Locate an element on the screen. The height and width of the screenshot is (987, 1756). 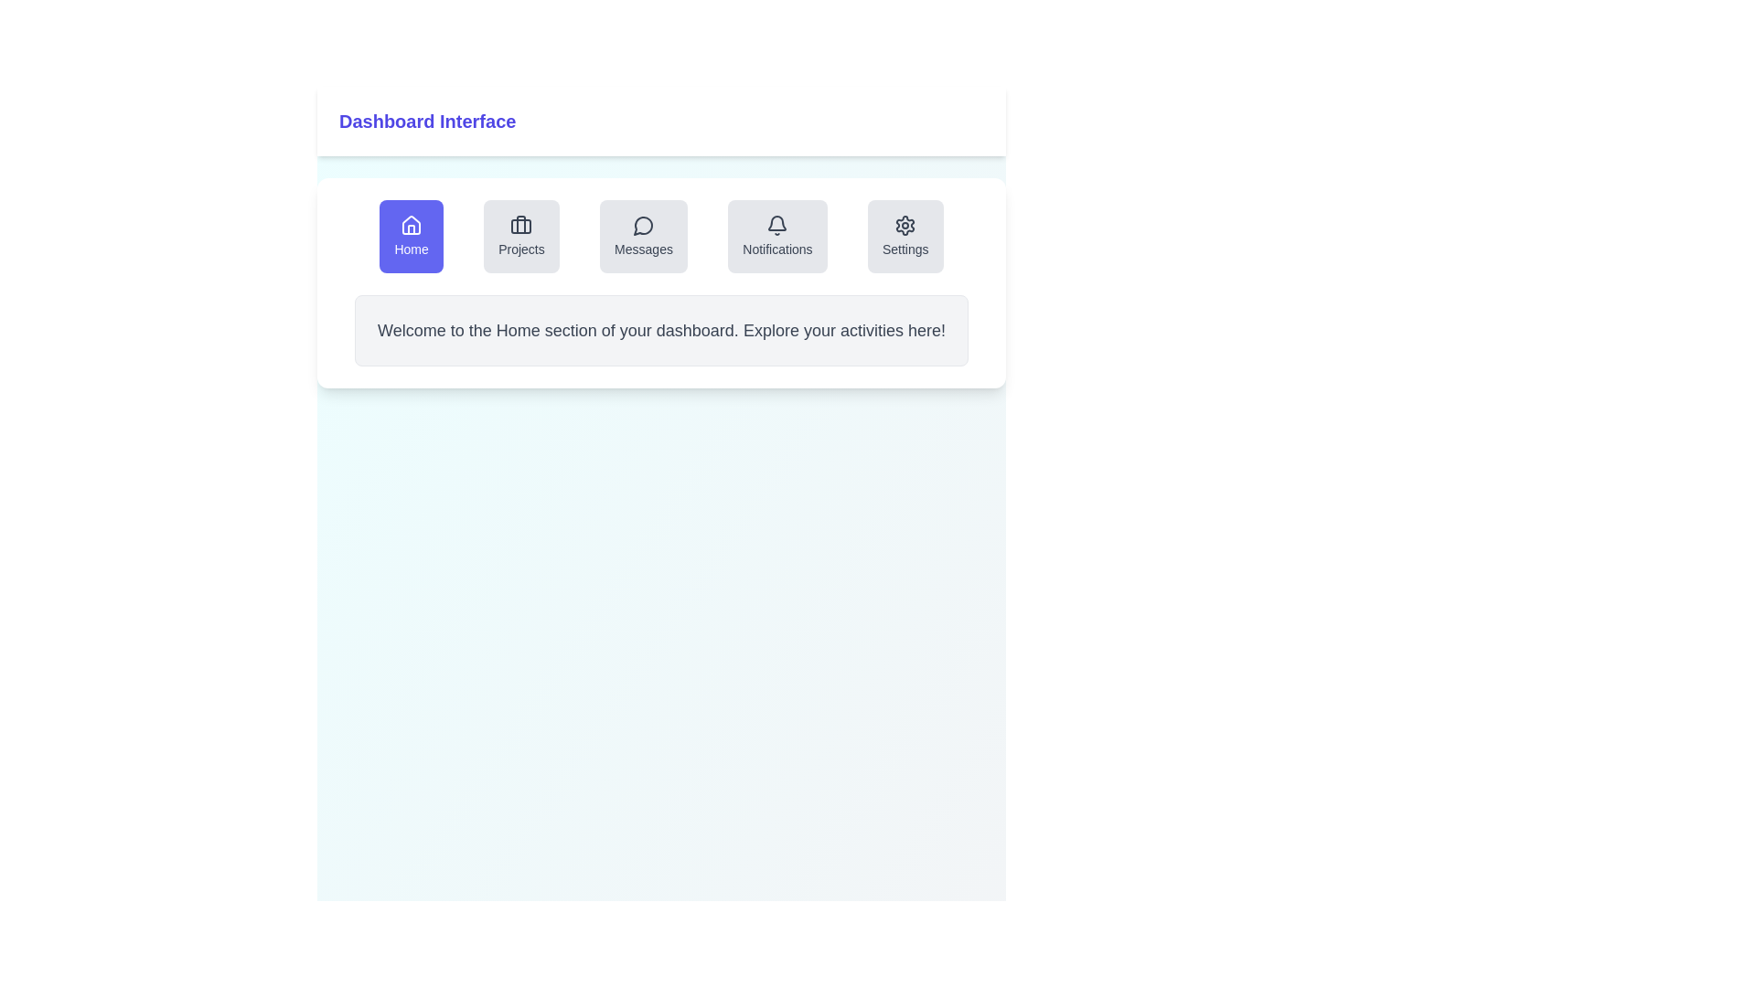
the 'Home' button is located at coordinates (411, 235).